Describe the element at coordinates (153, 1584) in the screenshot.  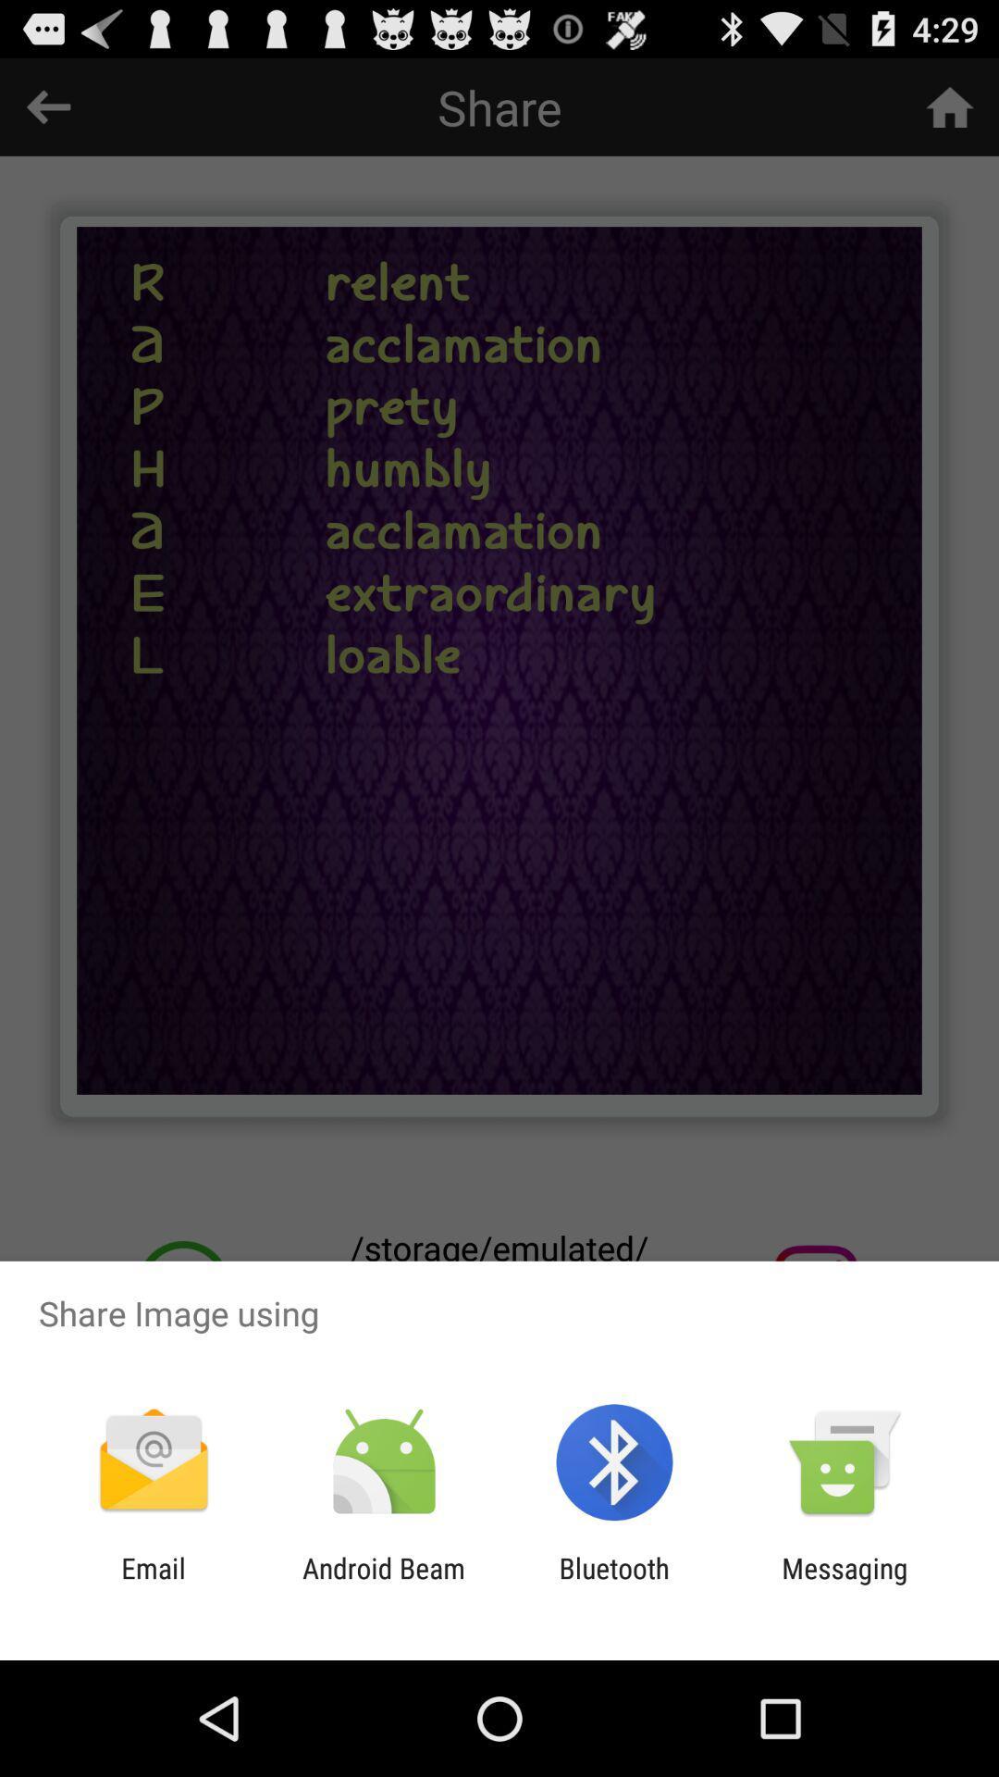
I see `the icon to the left of android beam icon` at that location.